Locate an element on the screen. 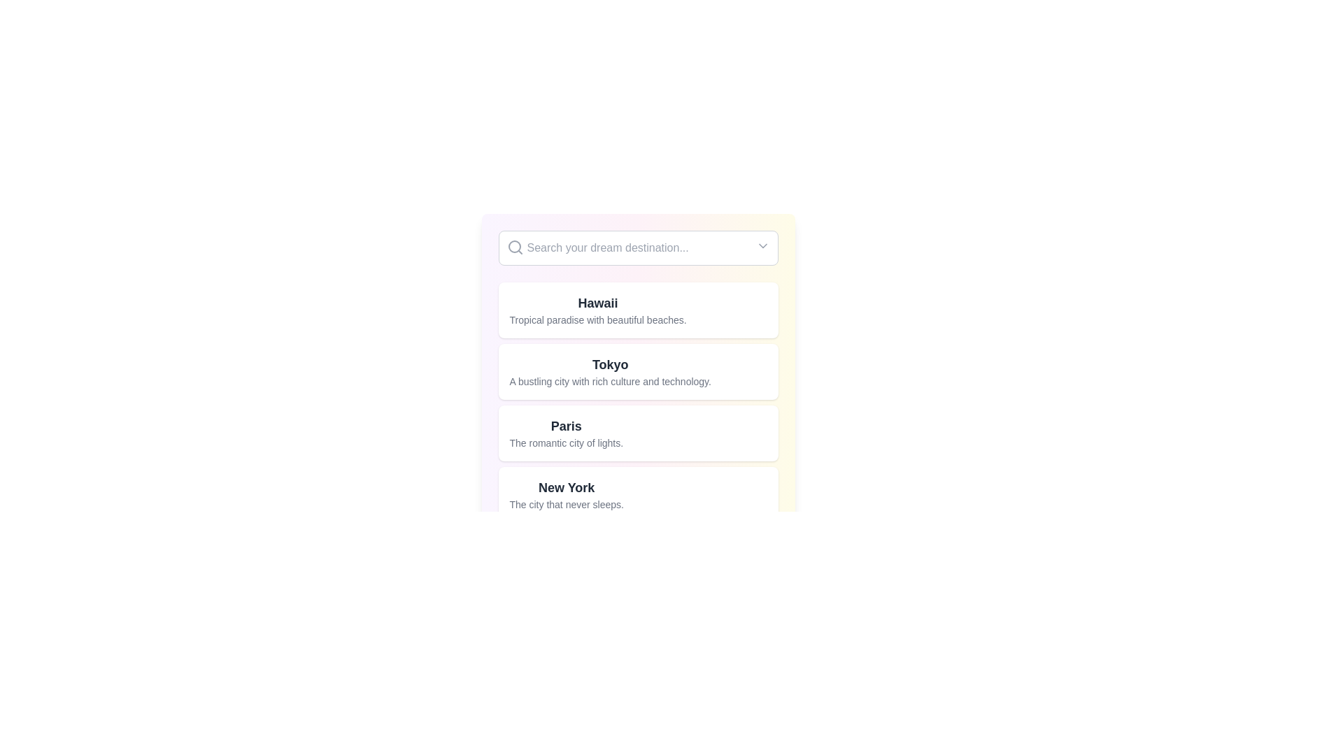 The height and width of the screenshot is (755, 1343). the small downward-pointing chevron icon located at the top-right corner of the search bar to trigger hover effects is located at coordinates (762, 245).